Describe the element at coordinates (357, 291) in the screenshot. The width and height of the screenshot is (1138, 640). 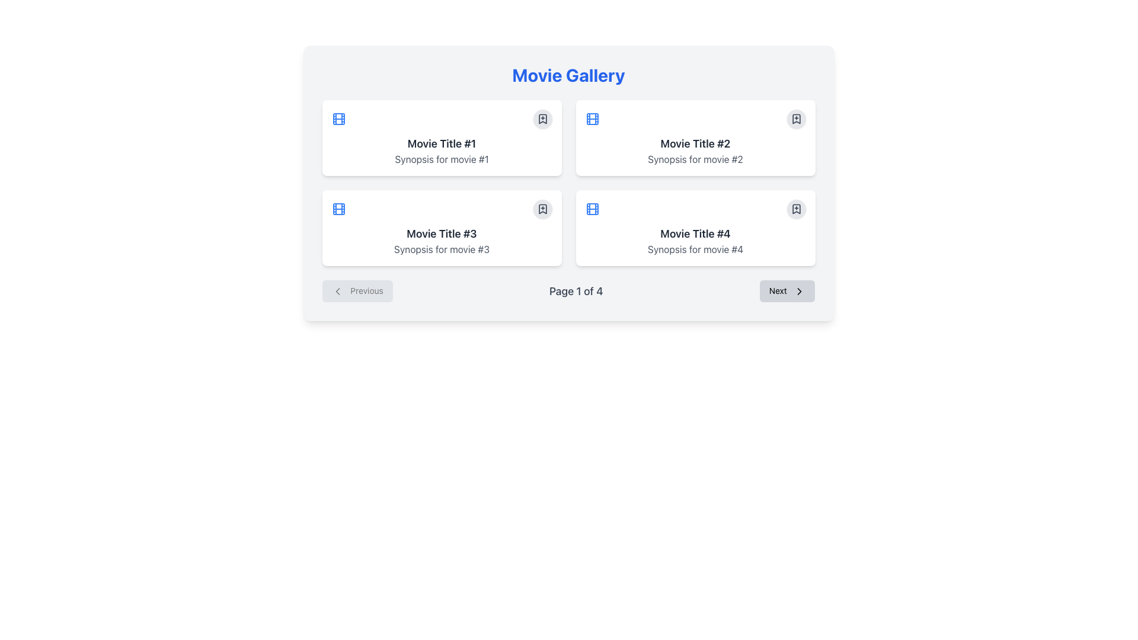
I see `the 'Previous' button with rounded edges and a light gray background located at the bottom left of the pagination control to observe any hover effects` at that location.